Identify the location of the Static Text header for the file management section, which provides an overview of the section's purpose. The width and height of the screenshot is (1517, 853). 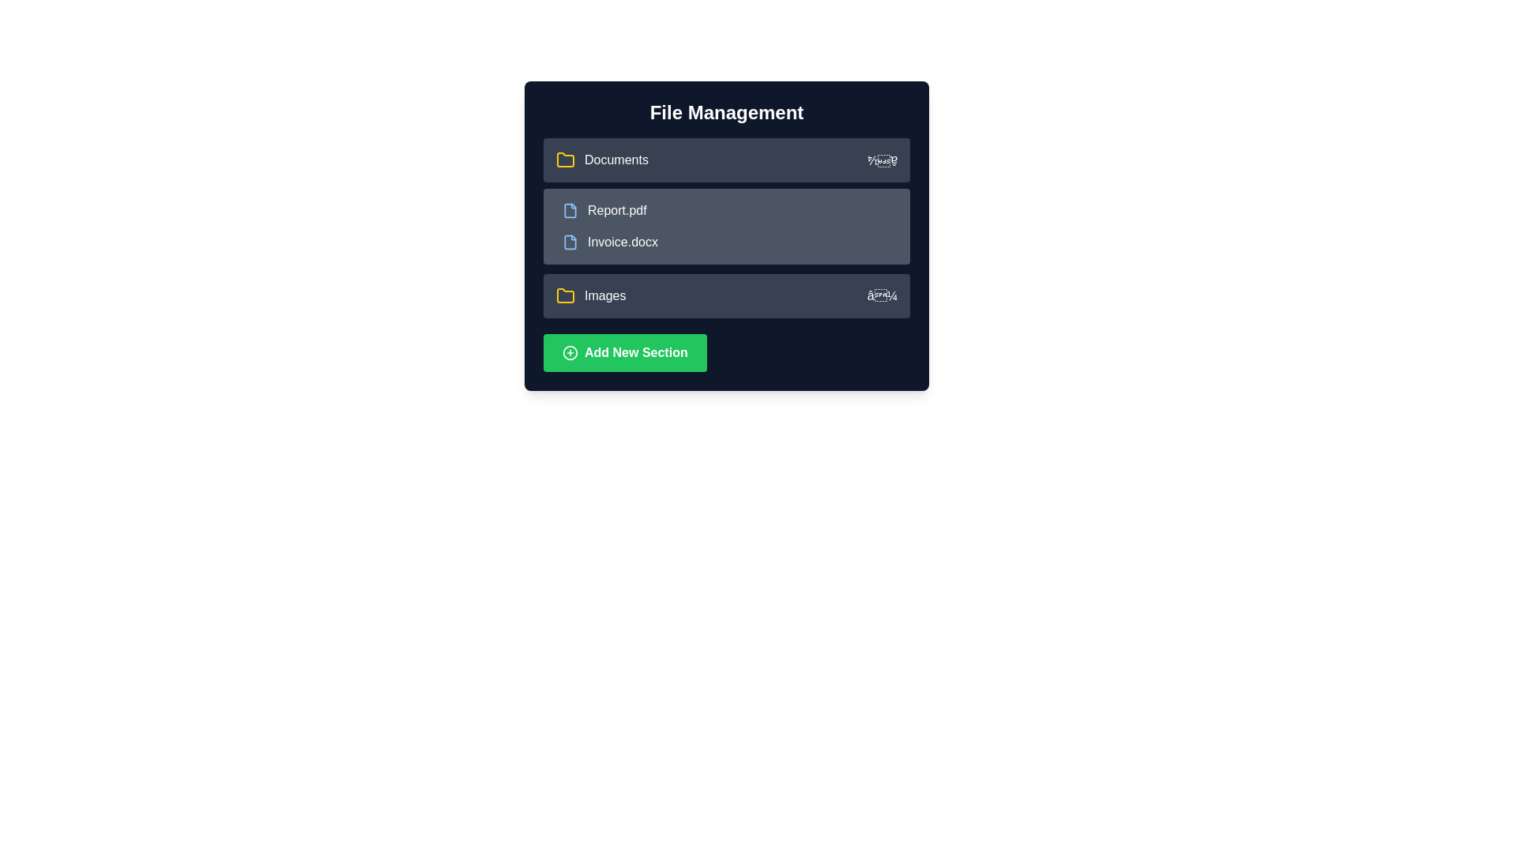
(726, 111).